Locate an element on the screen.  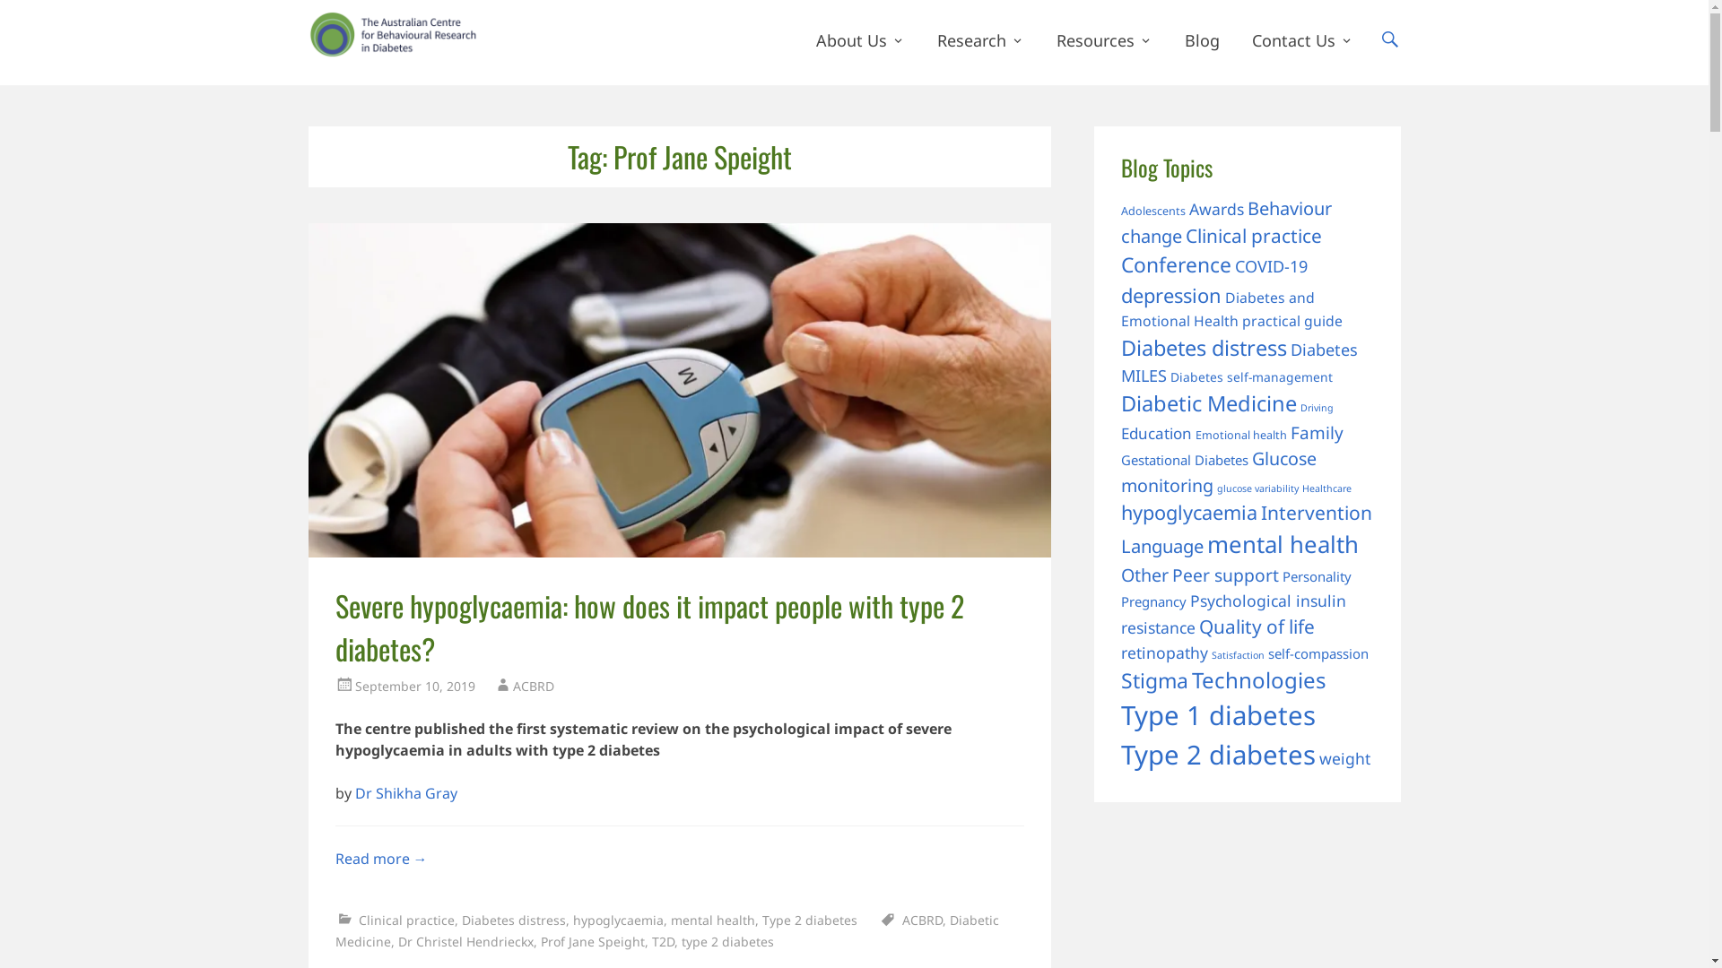
'Prof Jane Speight' is located at coordinates (592, 940).